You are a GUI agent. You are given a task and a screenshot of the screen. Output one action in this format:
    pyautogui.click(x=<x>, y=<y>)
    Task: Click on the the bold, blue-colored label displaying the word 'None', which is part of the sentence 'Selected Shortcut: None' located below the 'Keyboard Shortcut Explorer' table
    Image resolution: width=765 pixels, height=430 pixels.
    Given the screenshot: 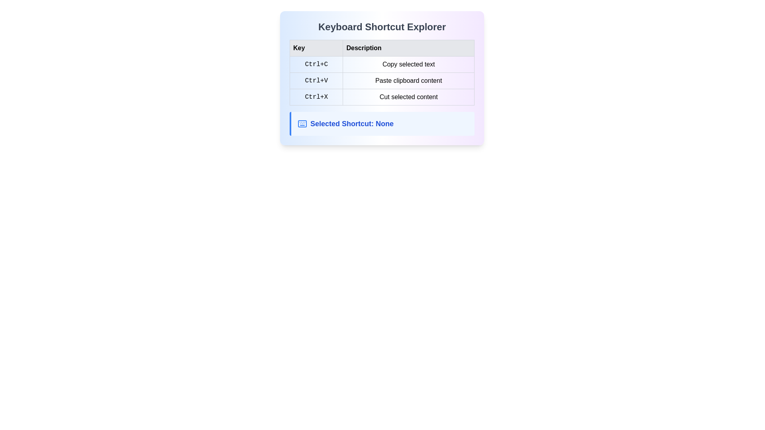 What is the action you would take?
    pyautogui.click(x=384, y=124)
    